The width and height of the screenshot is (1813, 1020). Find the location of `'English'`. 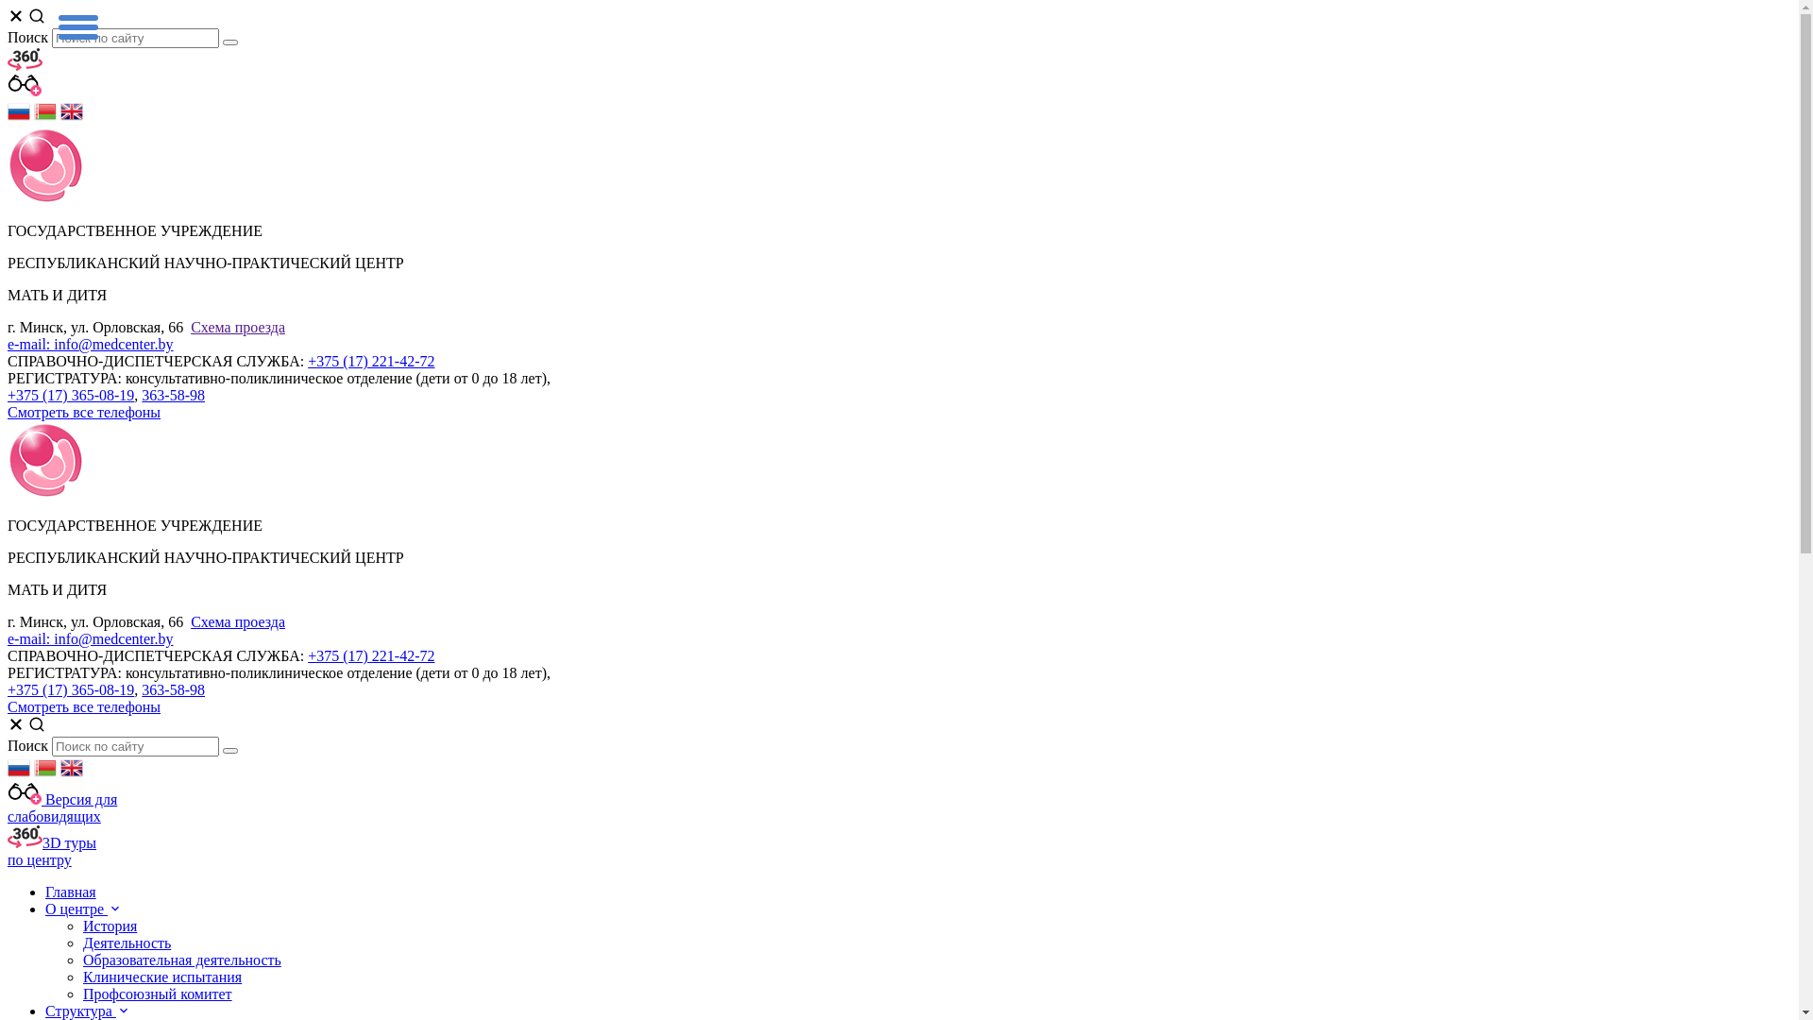

'English' is located at coordinates (72, 117).